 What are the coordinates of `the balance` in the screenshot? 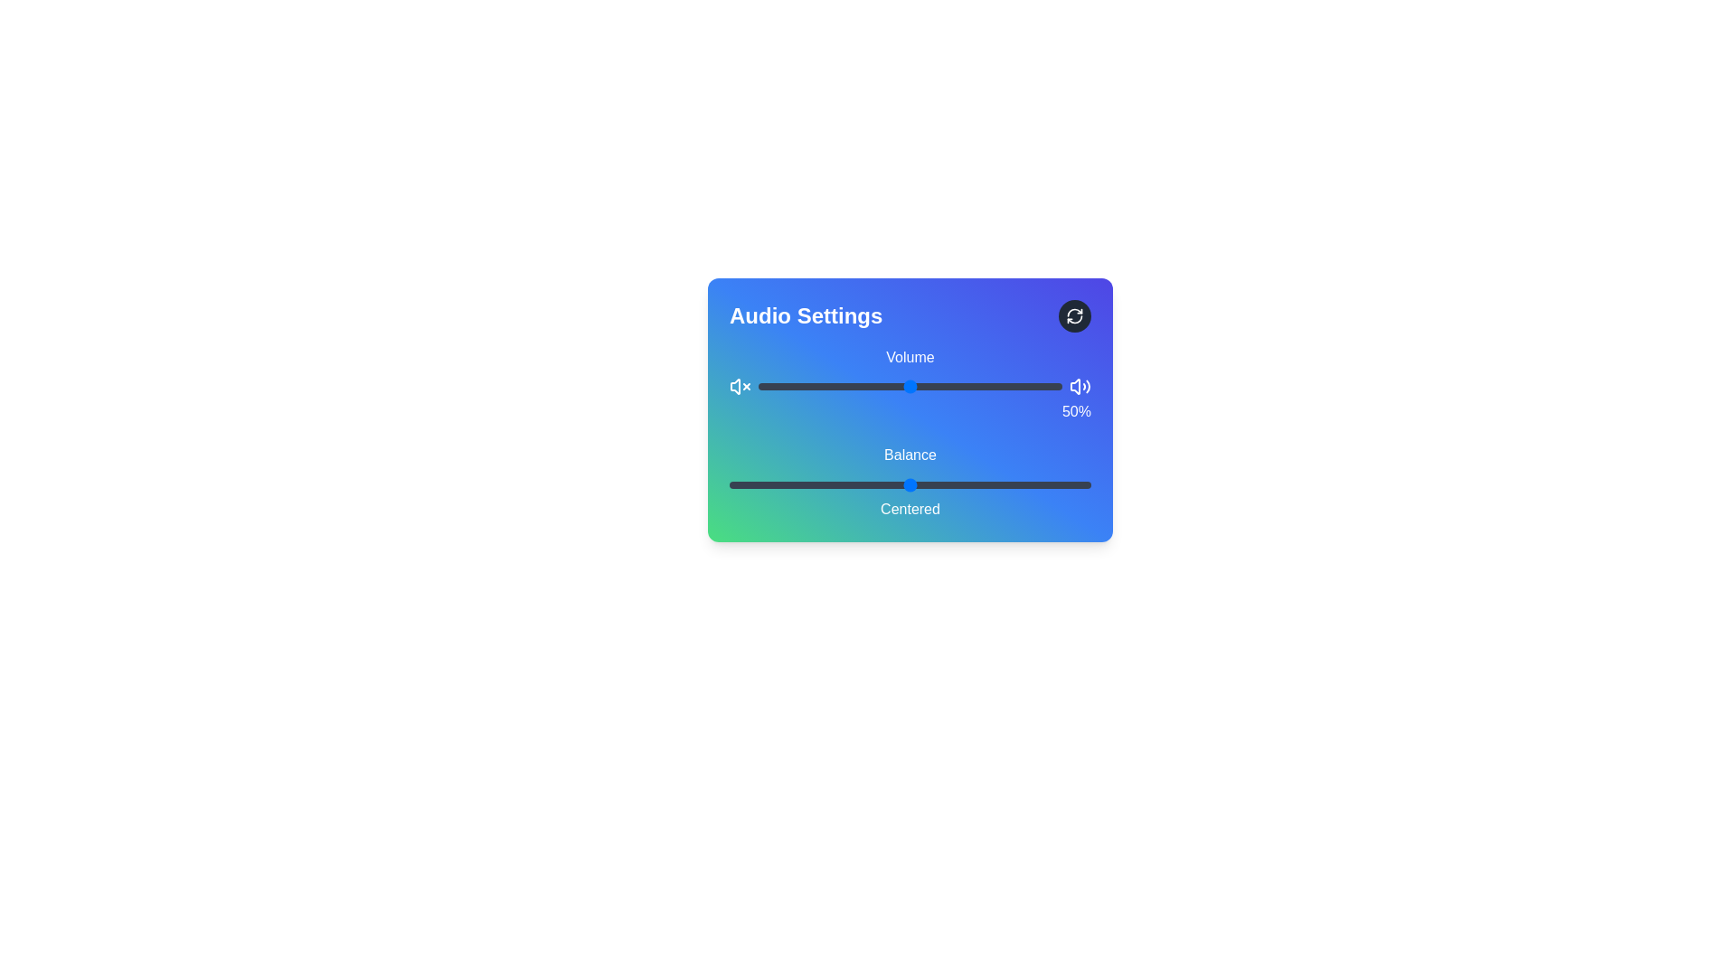 It's located at (769, 483).